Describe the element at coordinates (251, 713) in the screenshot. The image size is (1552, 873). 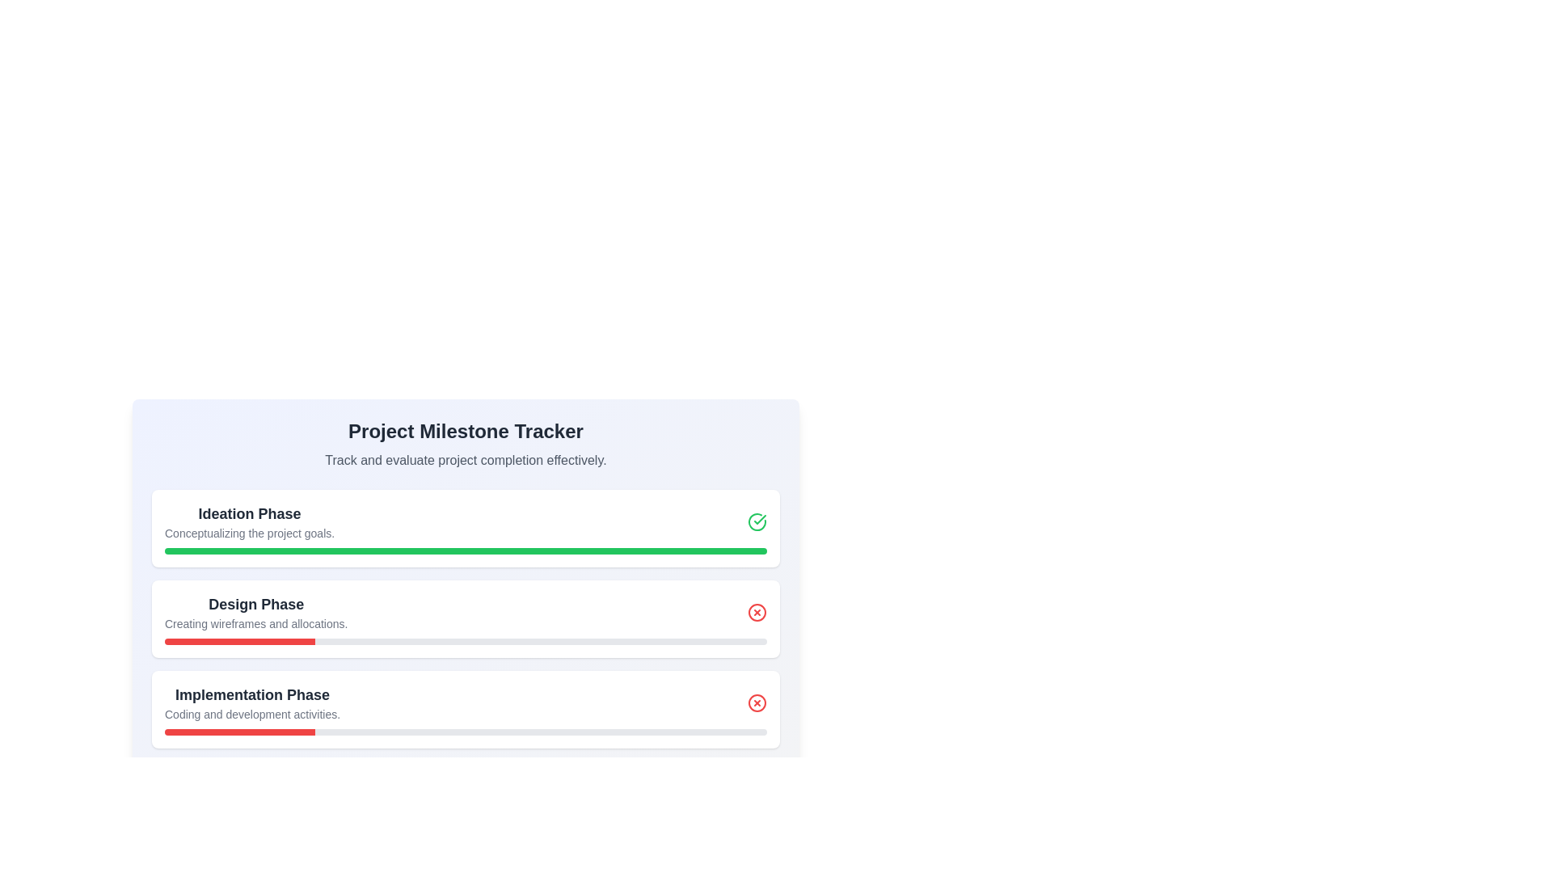
I see `the descriptive text label that provides information about the Implementation Phase, located directly below its title in the Implementation Phase section` at that location.